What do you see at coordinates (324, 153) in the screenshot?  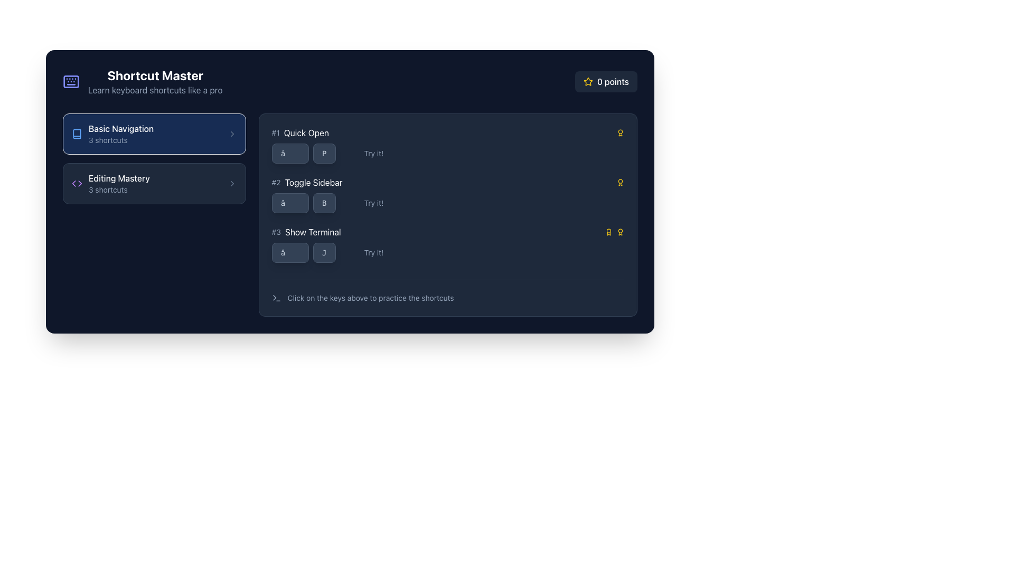 I see `the interactive button representing the 'P' key in the 'Quick Open' shortcut row, positioned to the right of the '⌘' button` at bounding box center [324, 153].